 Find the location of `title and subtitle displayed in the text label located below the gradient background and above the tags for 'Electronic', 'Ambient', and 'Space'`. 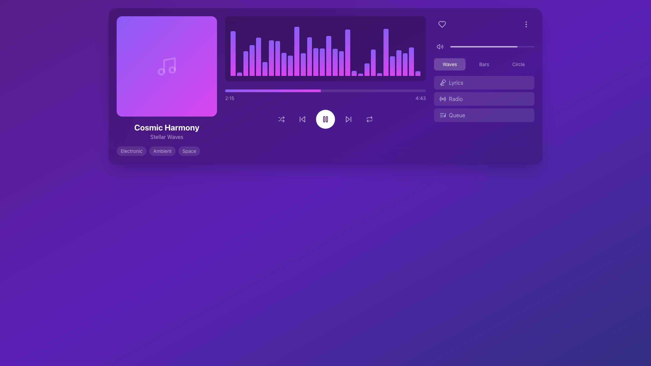

title and subtitle displayed in the text label located below the gradient background and above the tags for 'Electronic', 'Ambient', and 'Space' is located at coordinates (166, 131).